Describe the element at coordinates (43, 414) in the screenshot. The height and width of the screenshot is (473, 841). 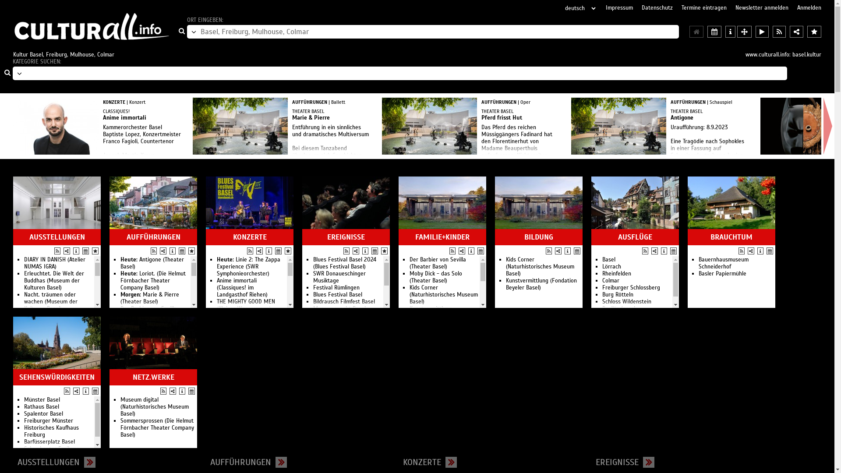
I see `'Spalentor Basel'` at that location.